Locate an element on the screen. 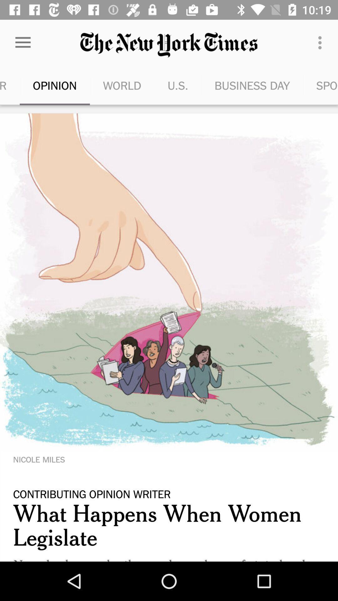 The image size is (338, 601). the item above the most popular is located at coordinates (23, 42).